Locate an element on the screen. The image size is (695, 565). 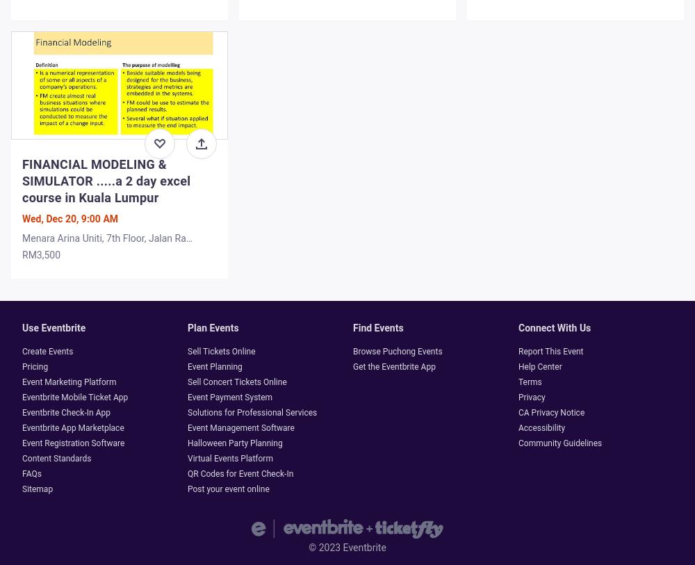
'Eventbrite Check-In App' is located at coordinates (22, 412).